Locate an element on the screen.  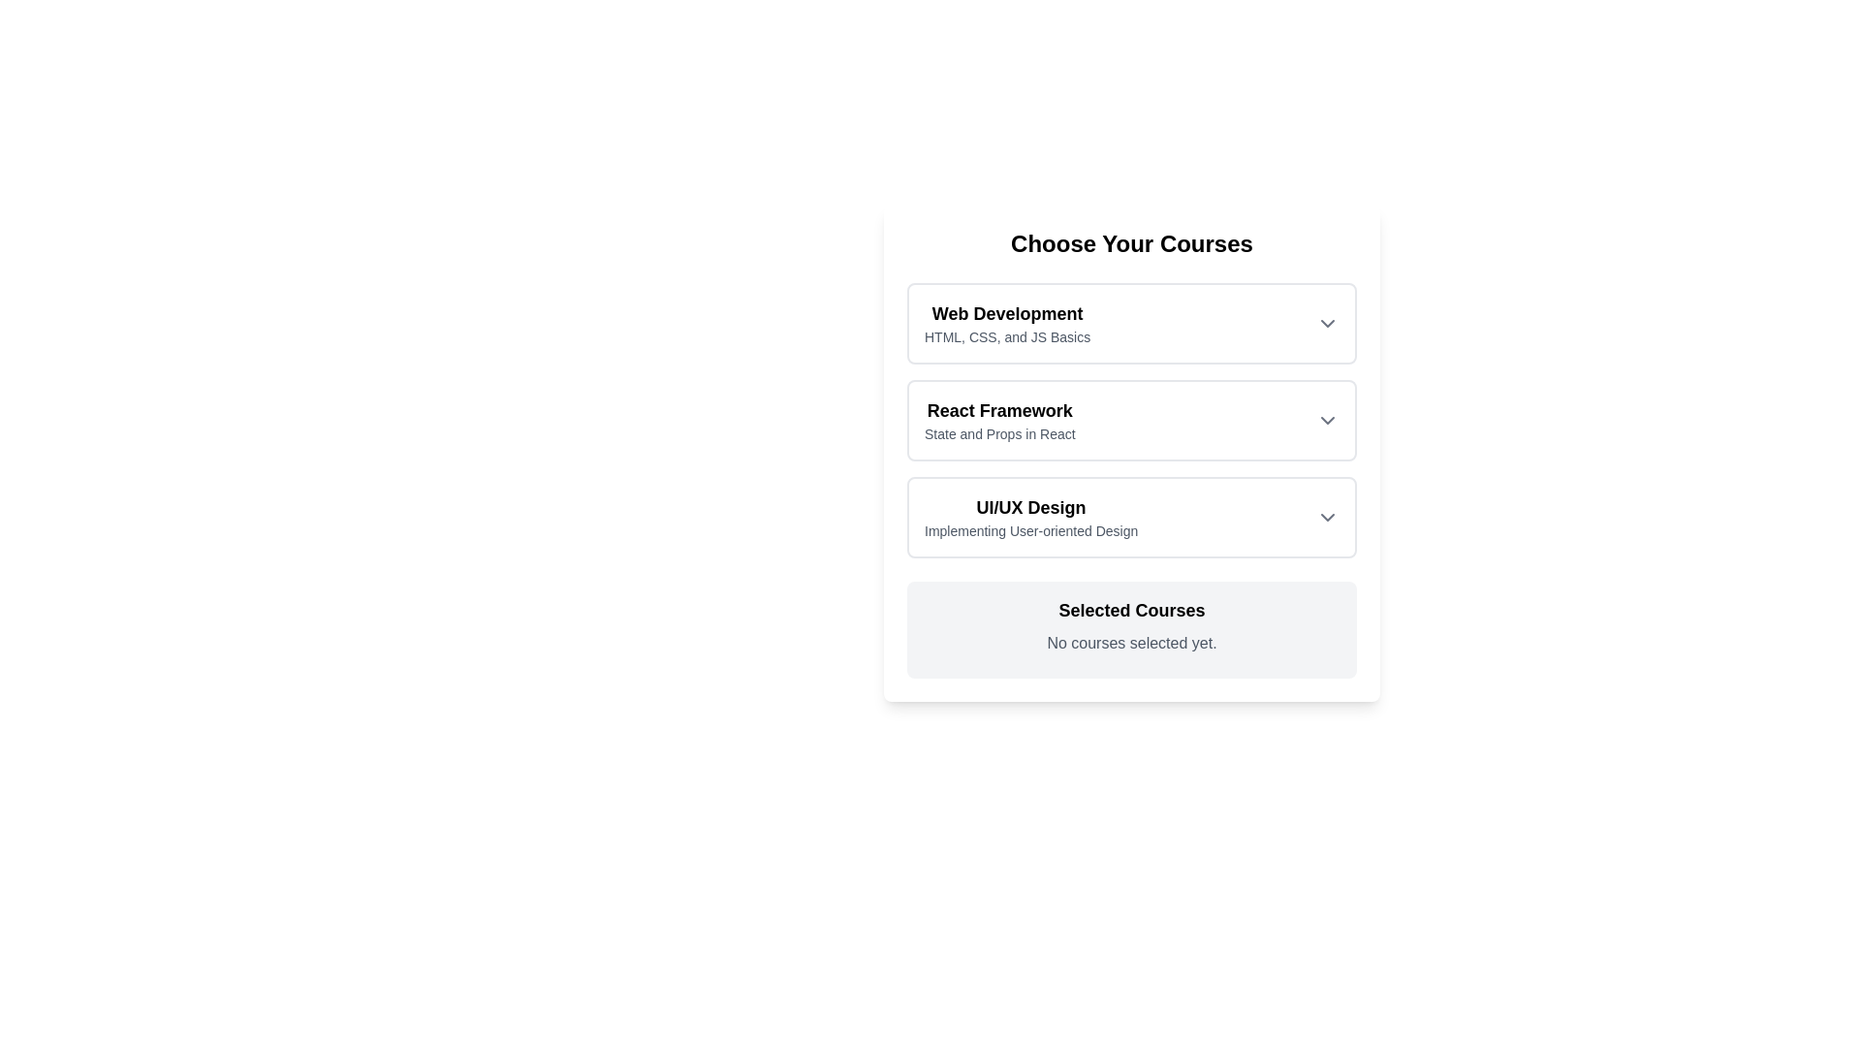
bold text display 'UI/UX Design' that is prominently positioned above the subtitle within the course options list is located at coordinates (1030, 507).